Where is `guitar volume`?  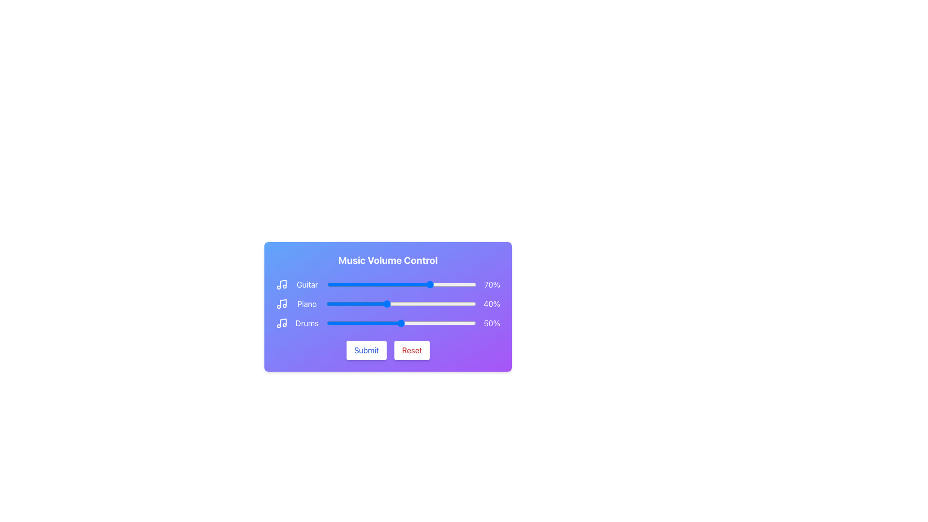
guitar volume is located at coordinates (388, 284).